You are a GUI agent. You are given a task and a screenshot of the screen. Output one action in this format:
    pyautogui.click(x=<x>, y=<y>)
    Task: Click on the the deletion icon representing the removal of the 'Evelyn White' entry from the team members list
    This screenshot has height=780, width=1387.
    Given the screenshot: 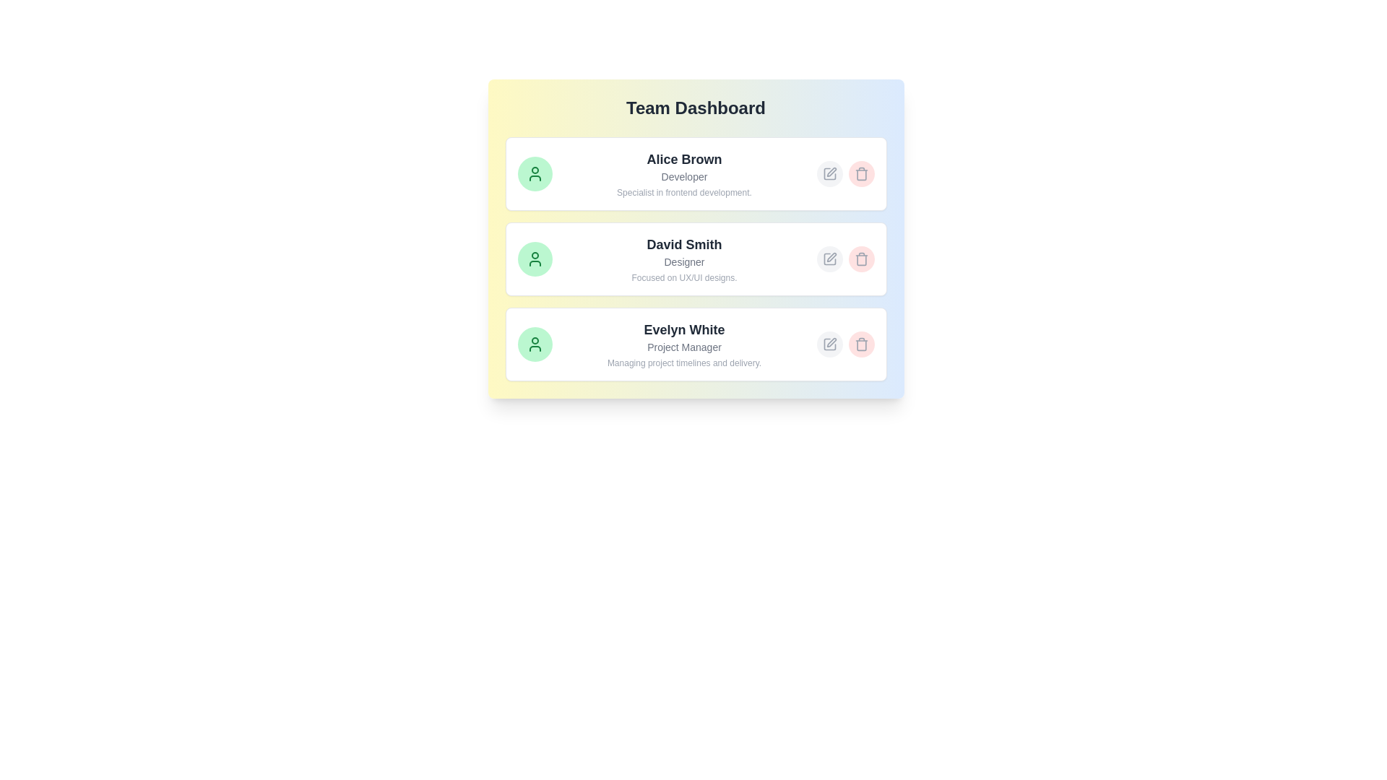 What is the action you would take?
    pyautogui.click(x=861, y=344)
    